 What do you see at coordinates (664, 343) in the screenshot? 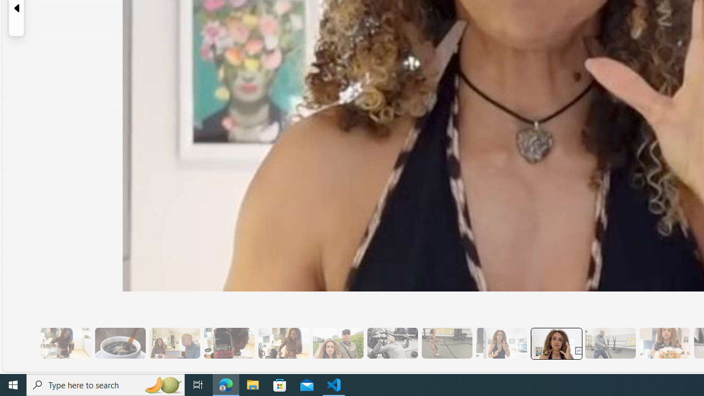
I see `'14 They Have Salmon and Veggies for Dinner'` at bounding box center [664, 343].